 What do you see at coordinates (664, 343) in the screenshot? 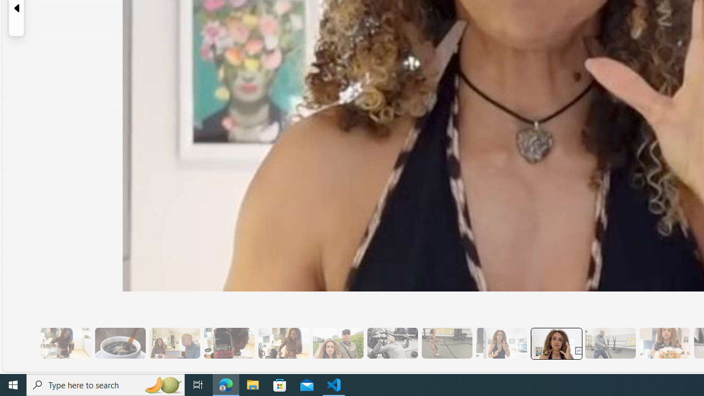
I see `'14 They Have Salmon and Veggies for Dinner'` at bounding box center [664, 343].